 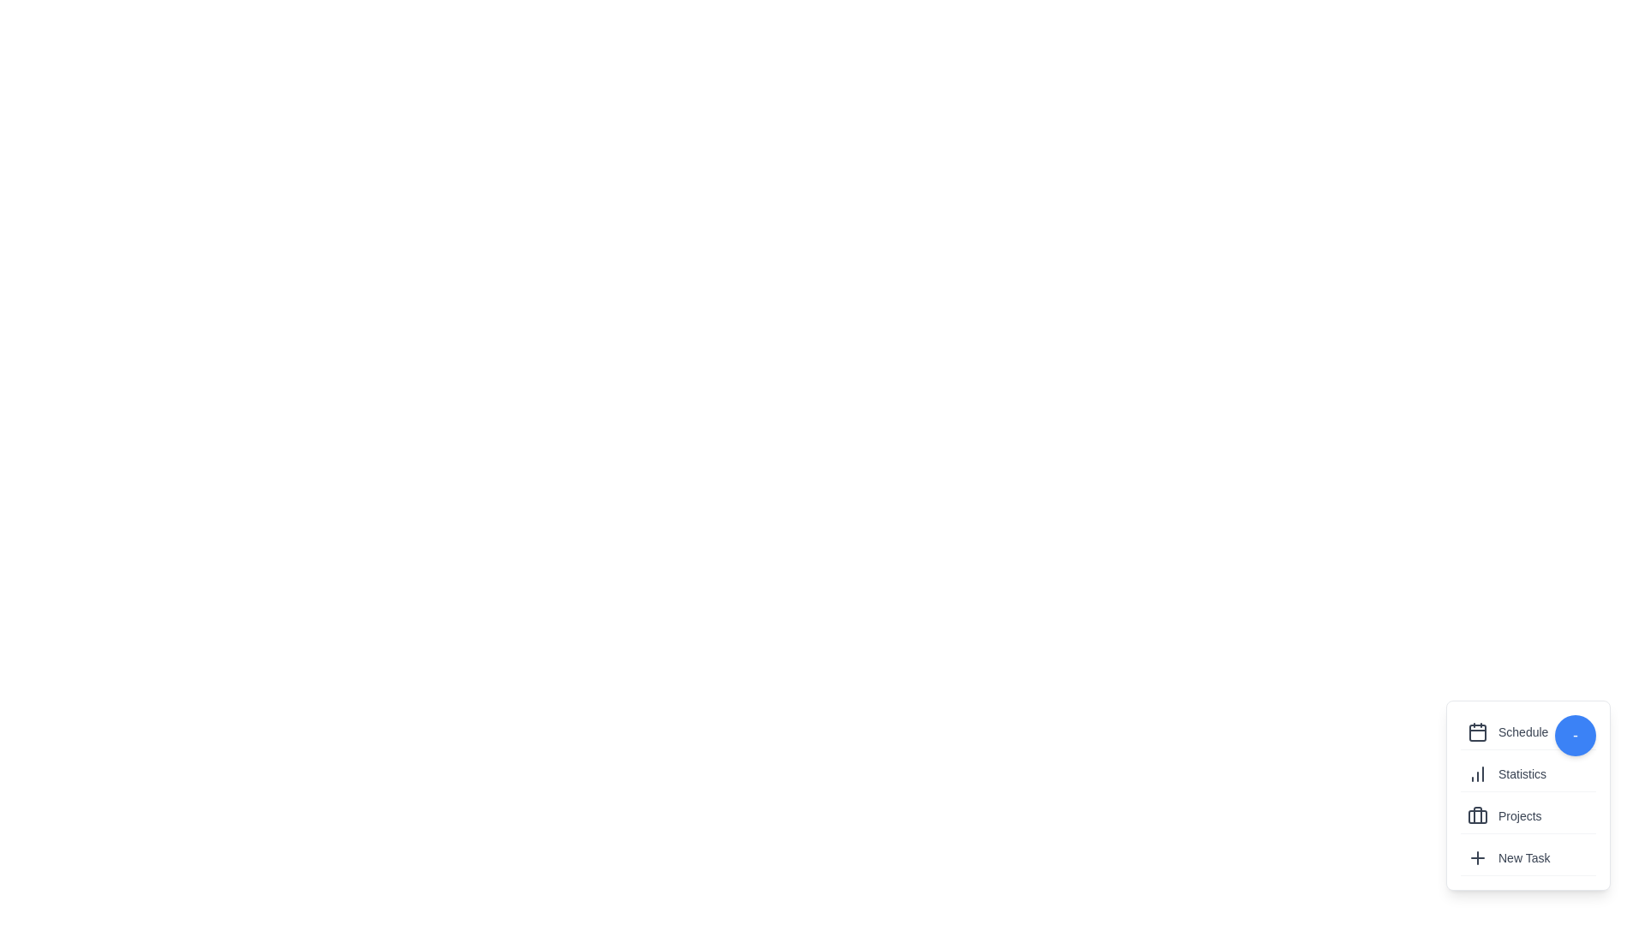 What do you see at coordinates (1528, 732) in the screenshot?
I see `the first item in the vertical list of menu options` at bounding box center [1528, 732].